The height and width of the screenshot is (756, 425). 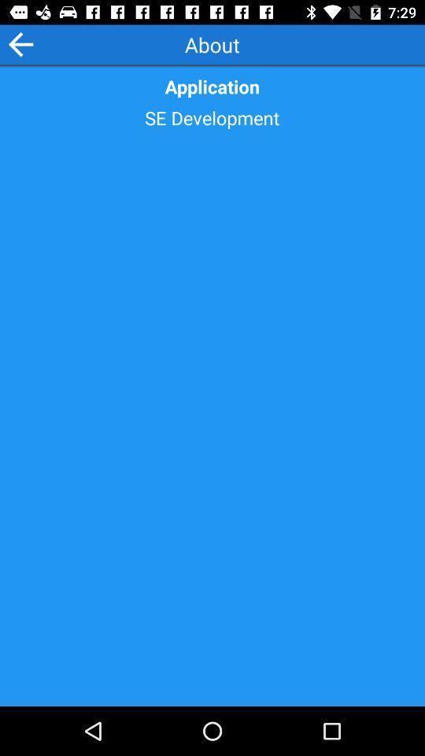 I want to click on the arrow_backward icon, so click(x=20, y=43).